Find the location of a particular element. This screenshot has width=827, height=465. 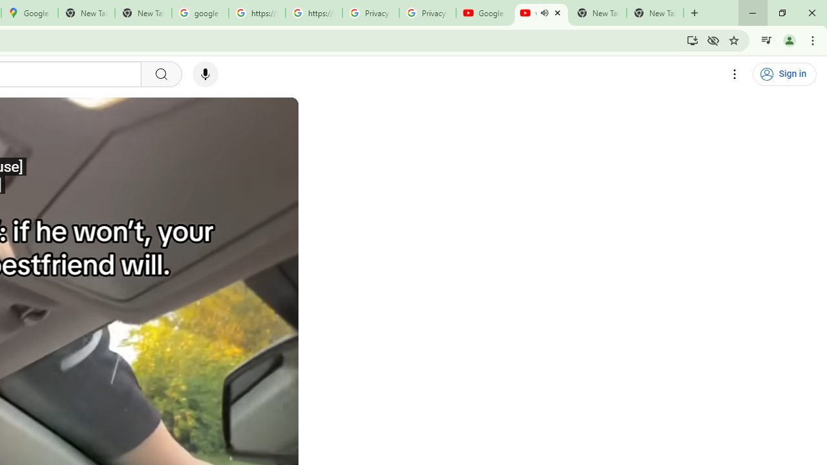

'https://scholar.google.com/' is located at coordinates (313, 13).